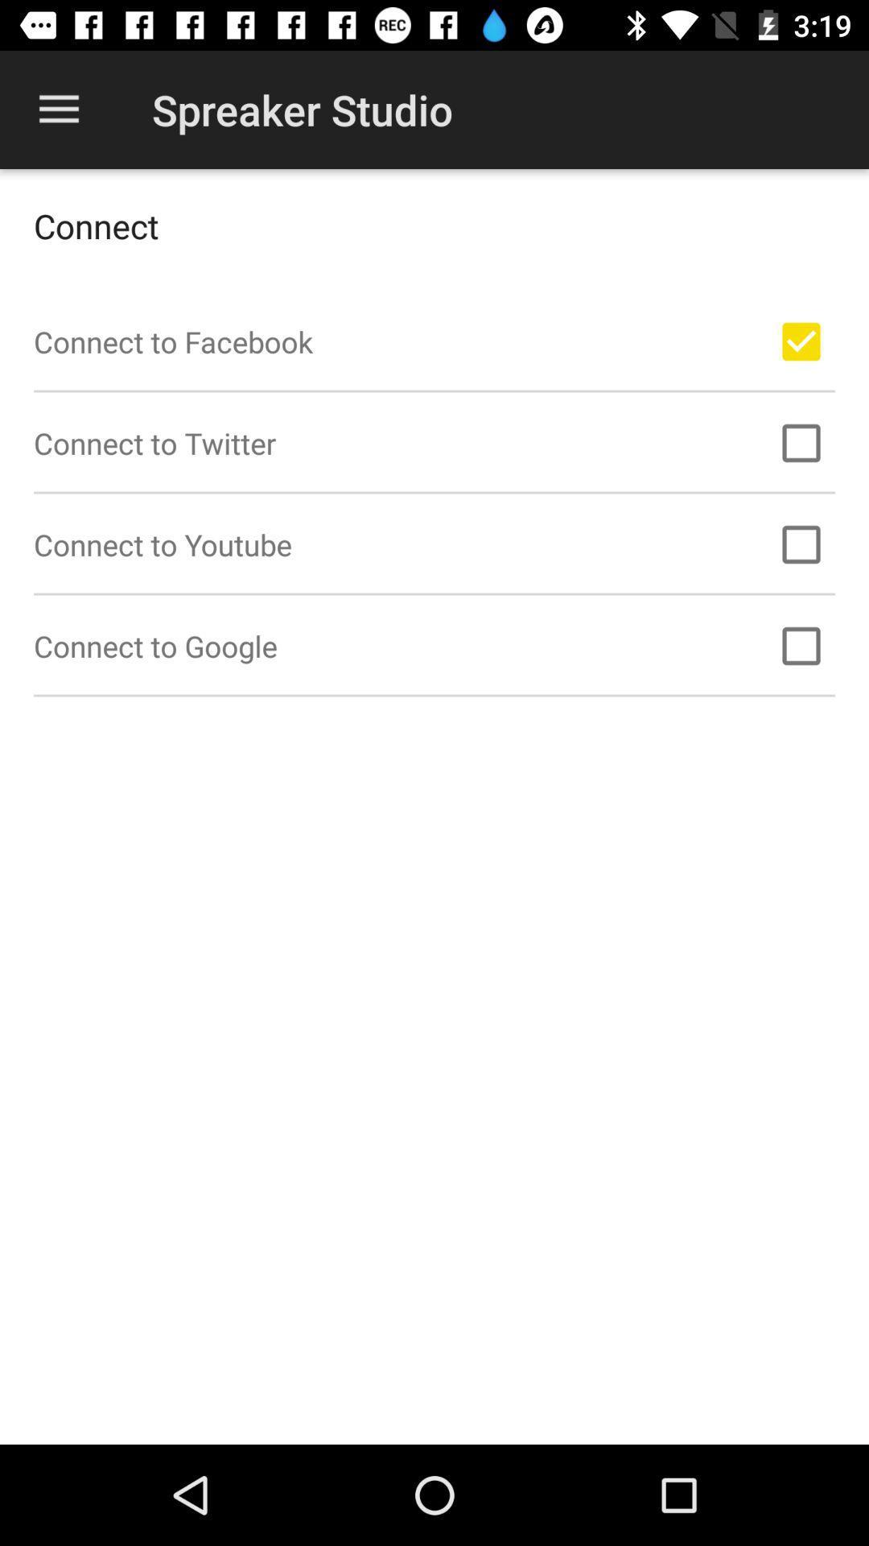 The image size is (869, 1546). I want to click on the icon above connect icon, so click(58, 109).